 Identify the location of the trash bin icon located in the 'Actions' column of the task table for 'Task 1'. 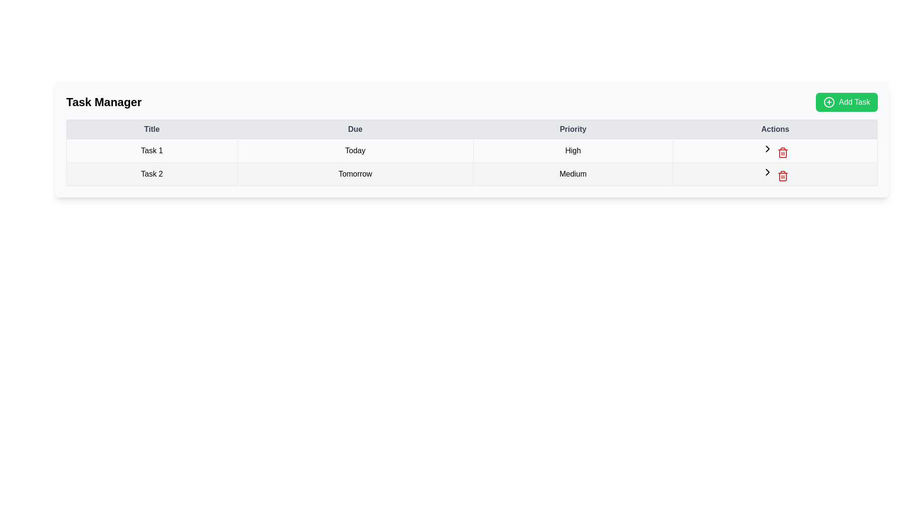
(775, 150).